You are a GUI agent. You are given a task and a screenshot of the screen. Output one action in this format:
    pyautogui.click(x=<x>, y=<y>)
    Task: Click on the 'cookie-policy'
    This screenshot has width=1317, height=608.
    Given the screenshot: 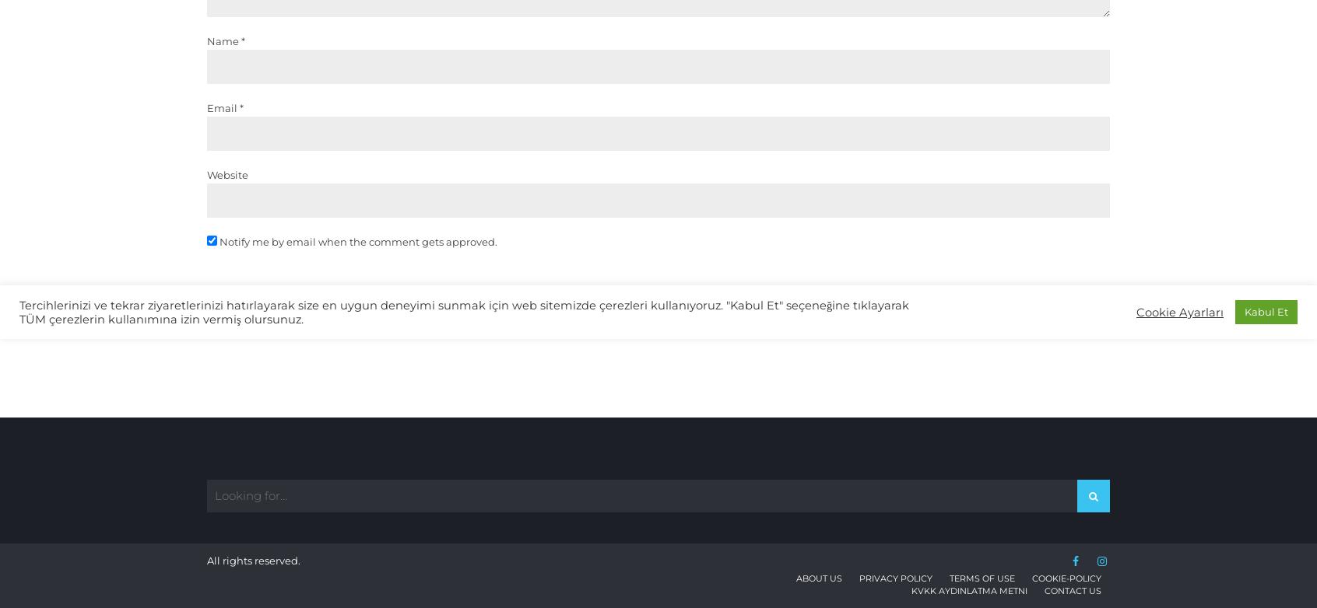 What is the action you would take?
    pyautogui.click(x=1066, y=577)
    